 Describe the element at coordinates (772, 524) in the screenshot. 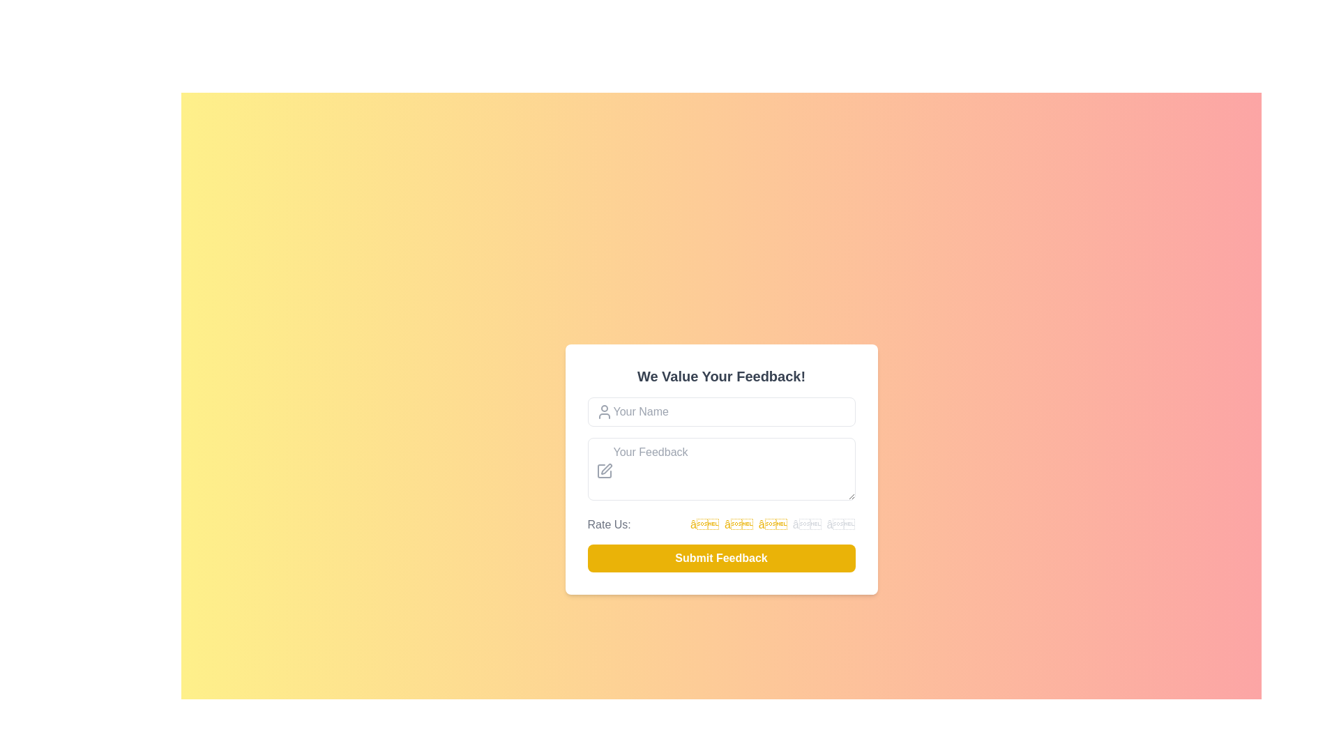

I see `the third star button in the rating system` at that location.